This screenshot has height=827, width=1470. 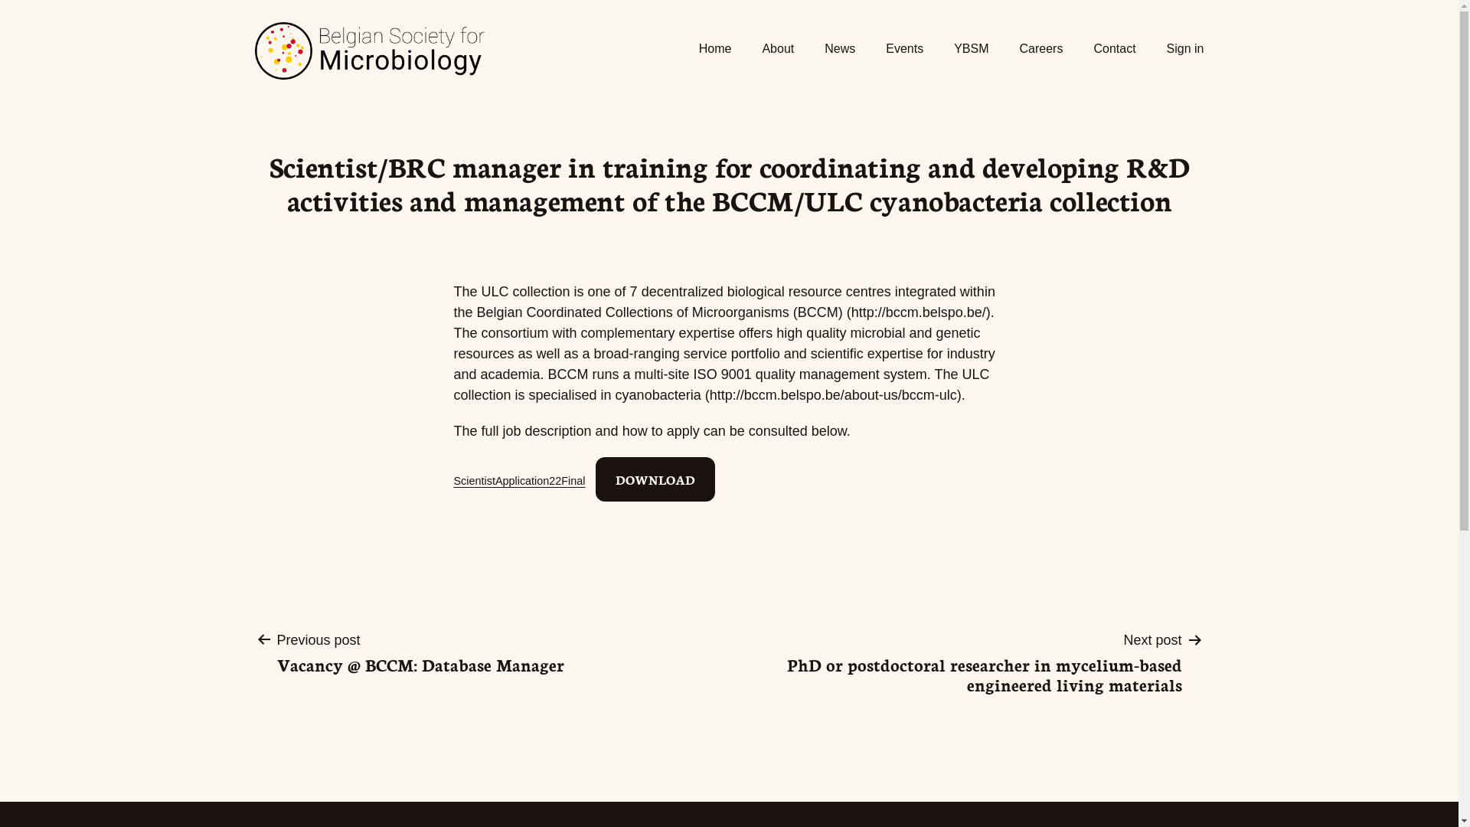 What do you see at coordinates (970, 48) in the screenshot?
I see `'YBSM'` at bounding box center [970, 48].